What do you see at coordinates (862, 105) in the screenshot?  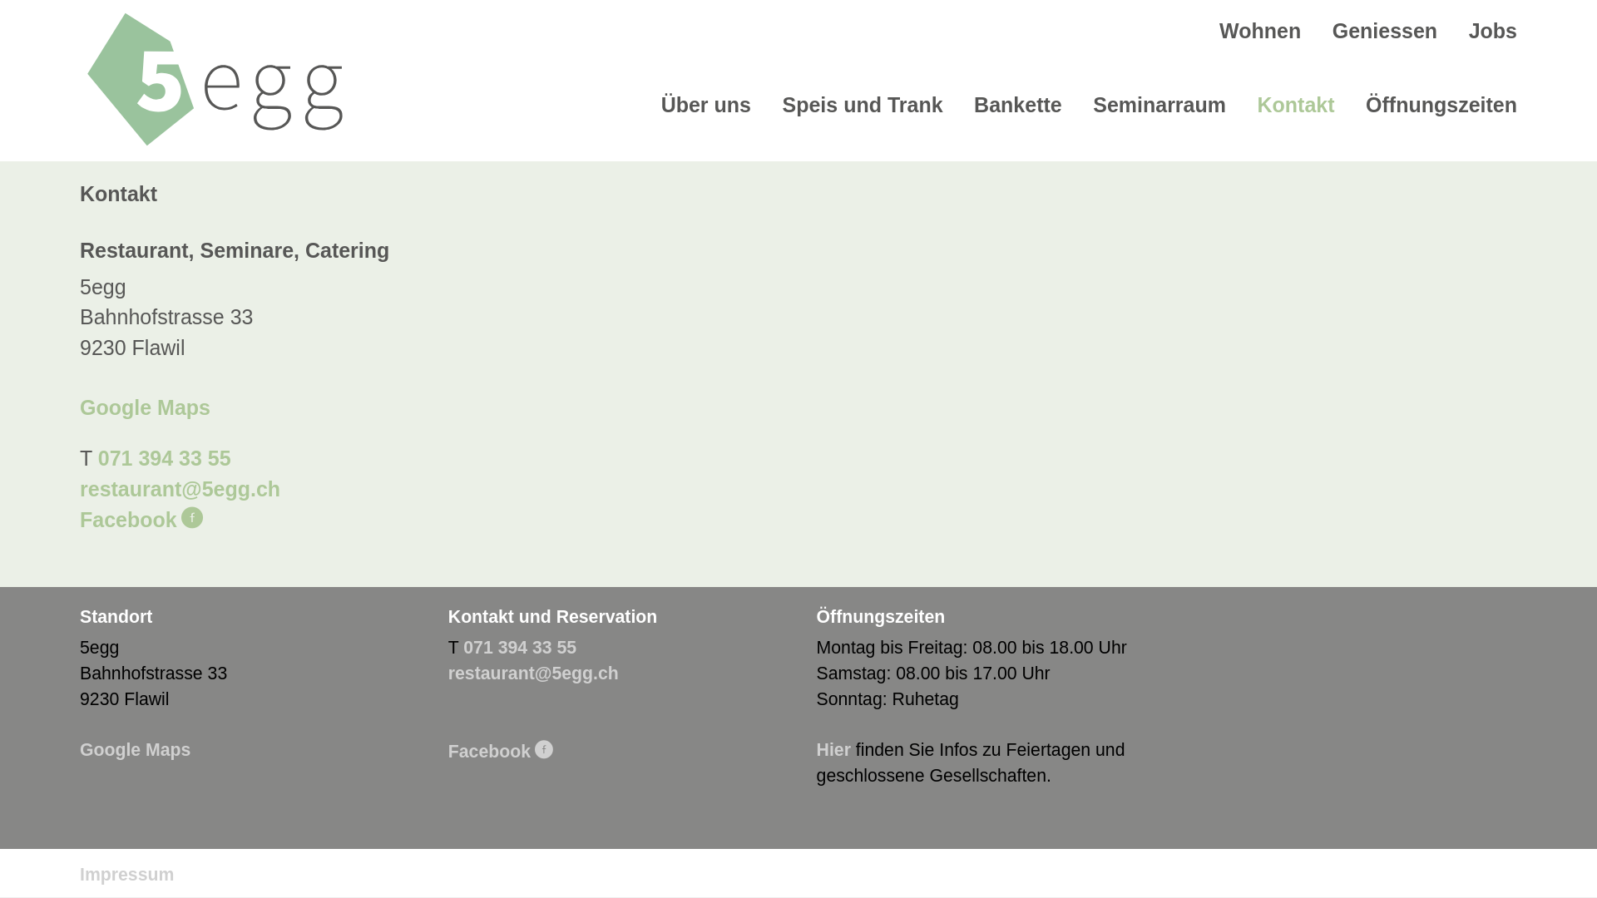 I see `'Speis und Trank'` at bounding box center [862, 105].